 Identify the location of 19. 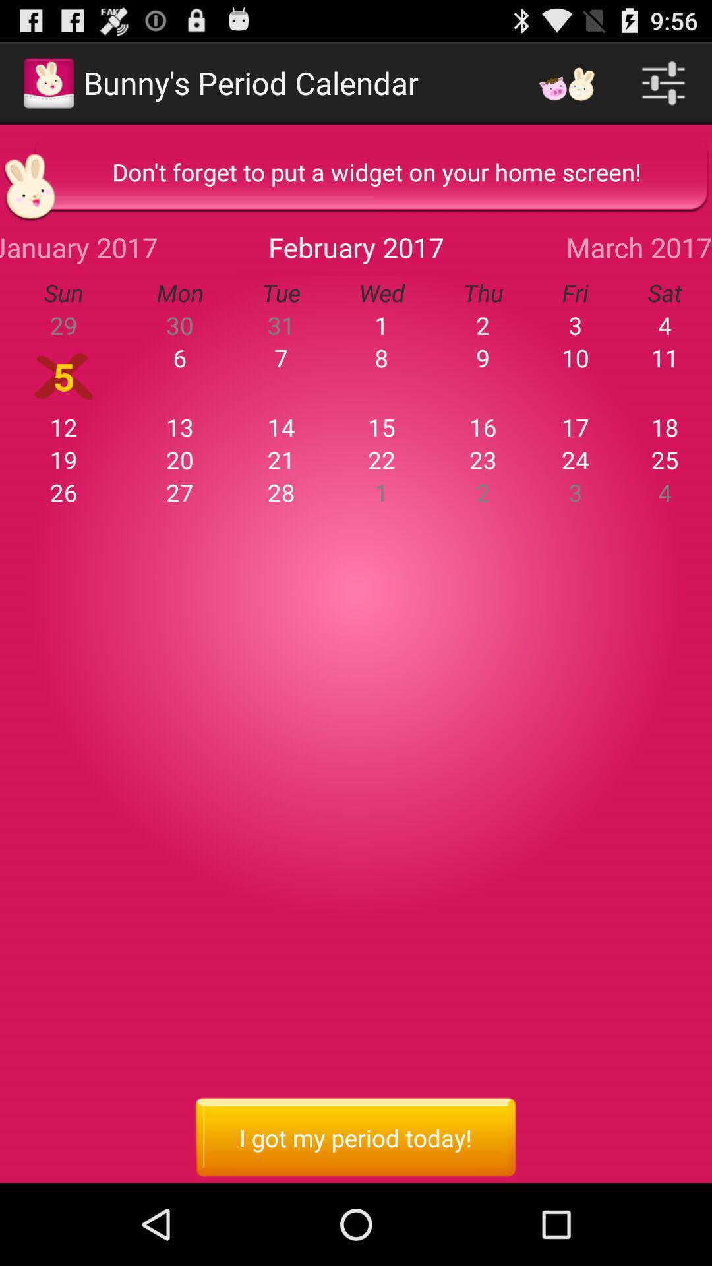
(63, 460).